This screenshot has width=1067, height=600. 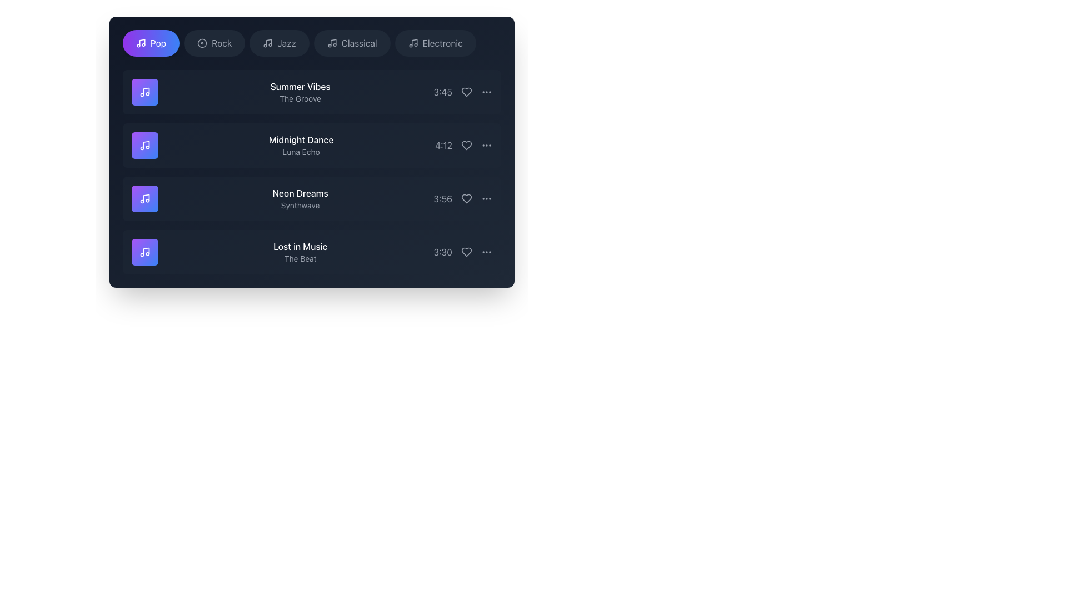 I want to click on the second heart icon that allows users to mark the associated song as a favorite, located to the right of the 'Midnight Dance' song entry, so click(x=467, y=145).